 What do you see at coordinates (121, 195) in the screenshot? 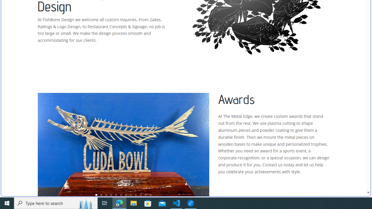
I see `'6'` at bounding box center [121, 195].